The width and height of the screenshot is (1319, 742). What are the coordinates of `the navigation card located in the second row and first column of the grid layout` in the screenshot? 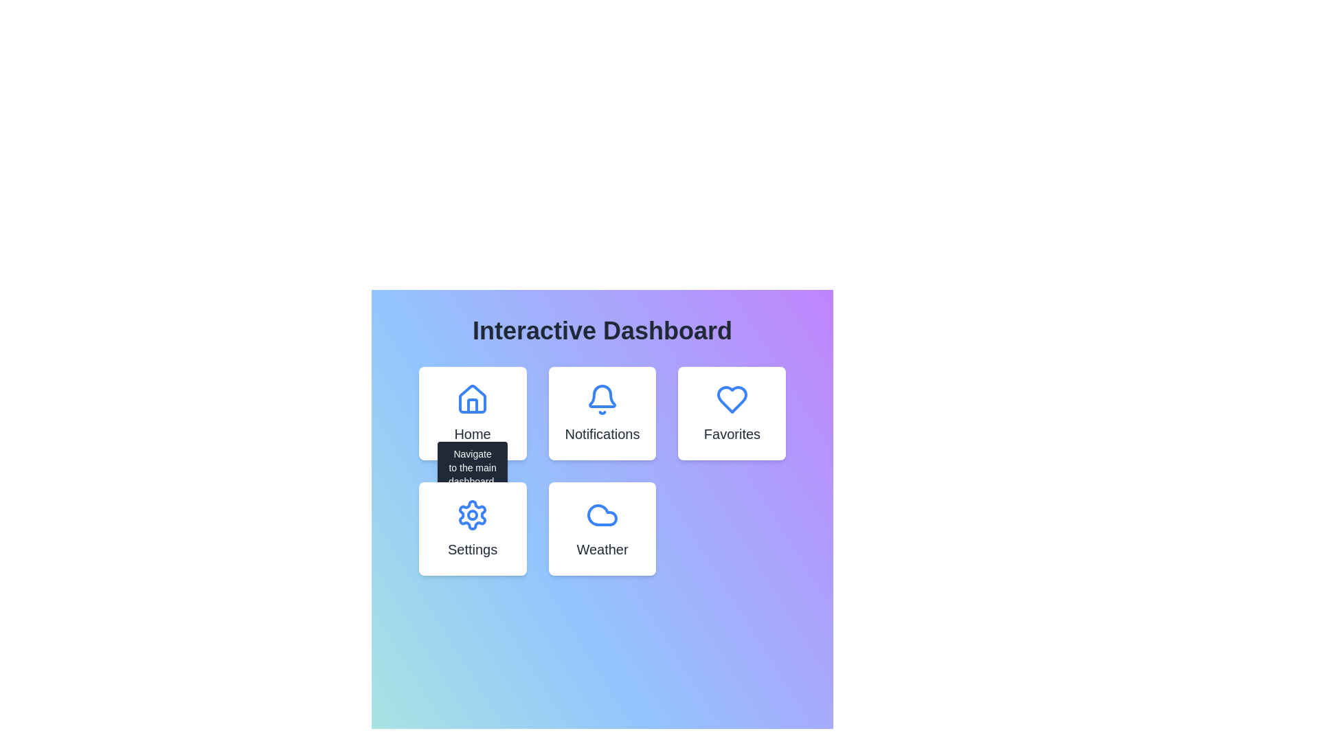 It's located at (473, 528).